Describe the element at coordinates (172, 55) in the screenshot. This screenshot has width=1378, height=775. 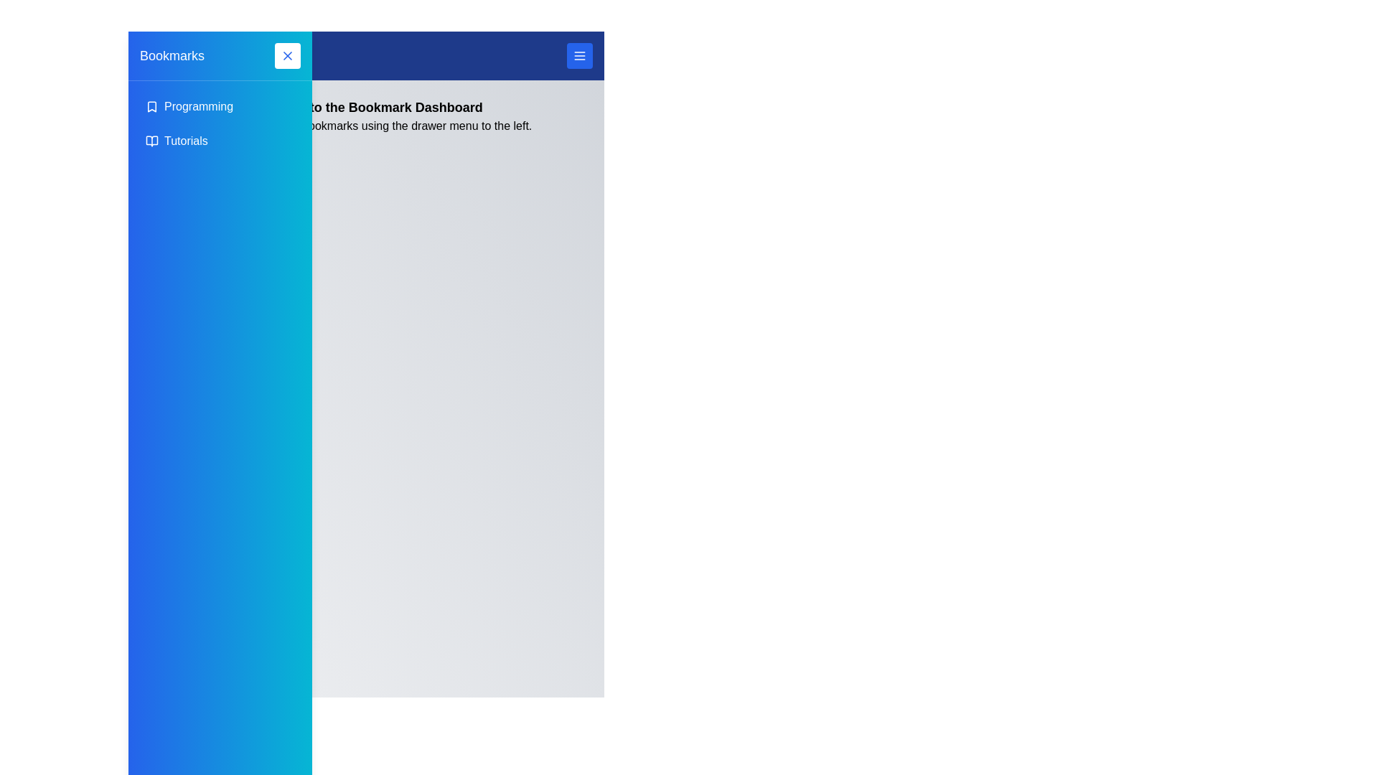
I see `the 'Bookmarks' text label, which is styled in white on a gradient blue background, positioned near the top-left corner of the interface` at that location.